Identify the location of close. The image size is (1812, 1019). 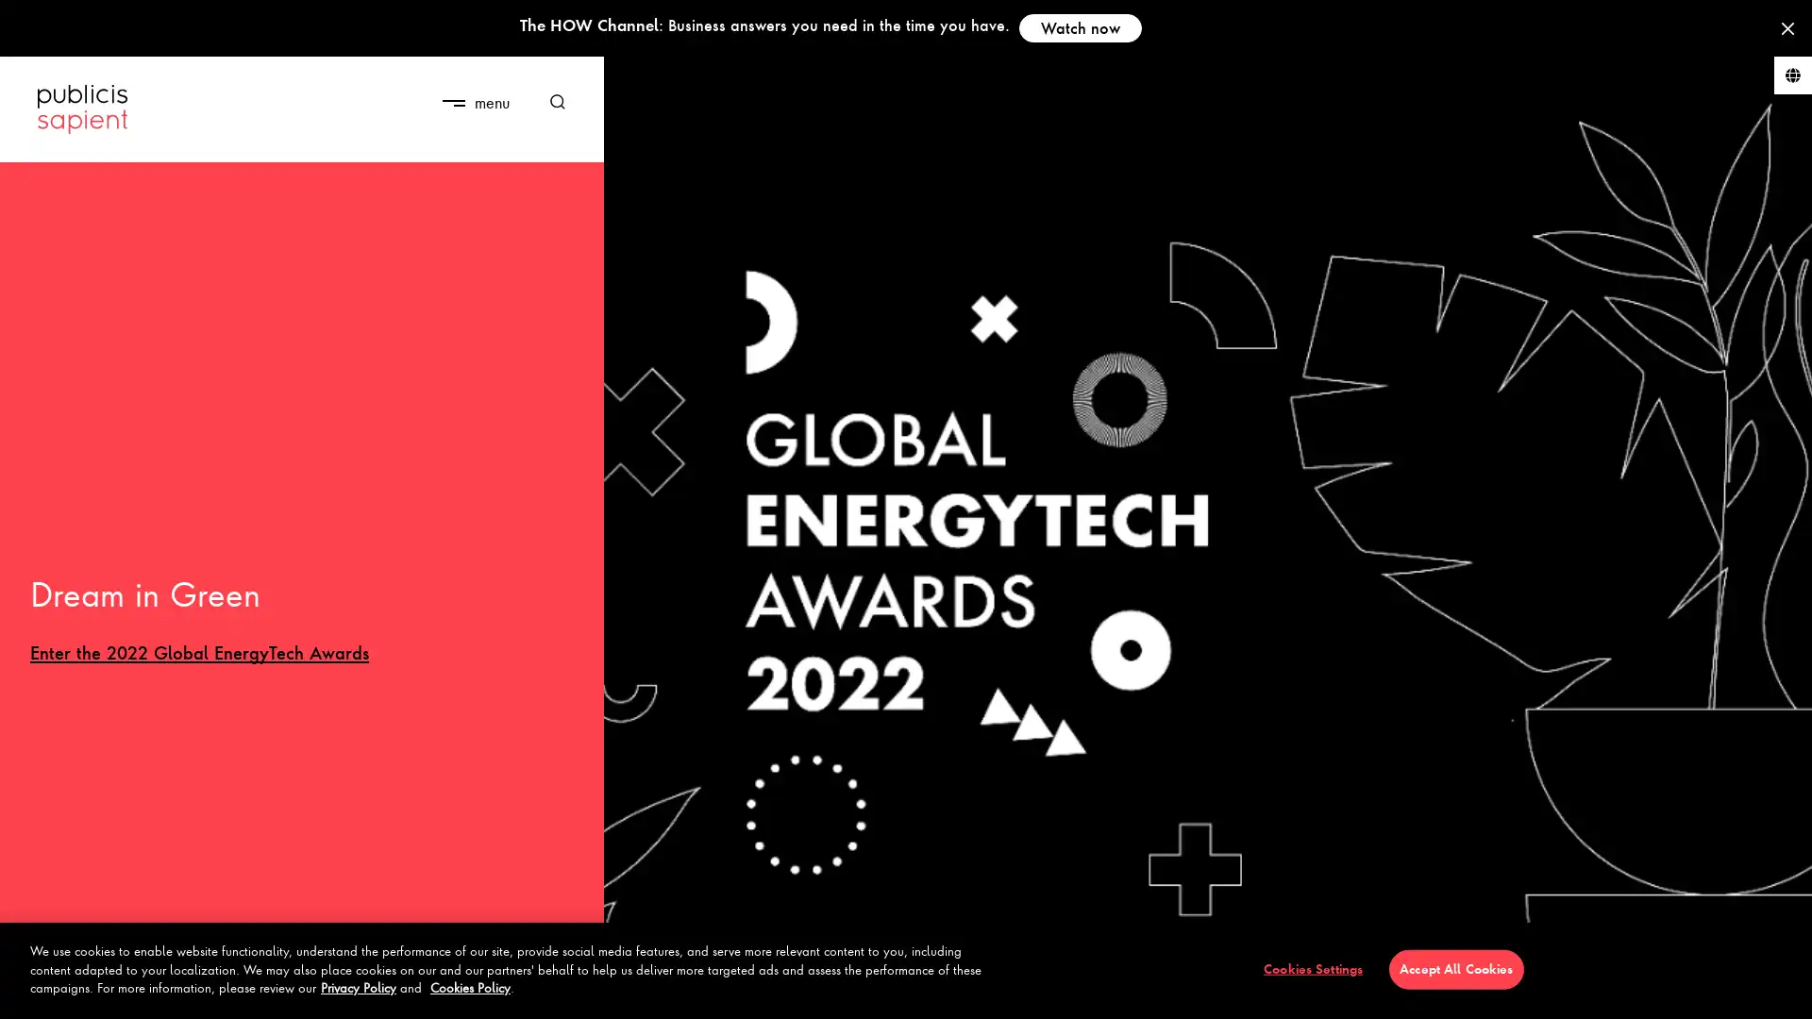
(528, 86).